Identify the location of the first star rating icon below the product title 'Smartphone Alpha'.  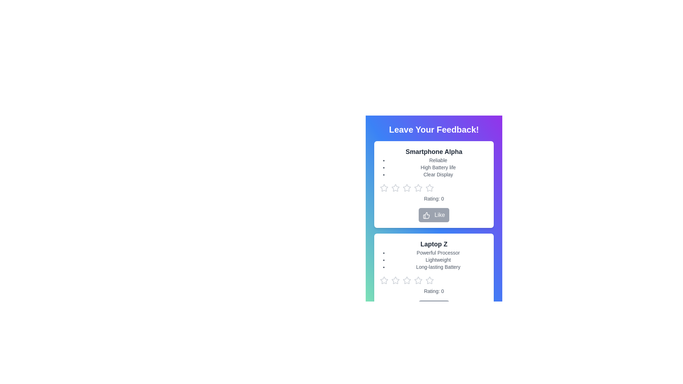
(395, 187).